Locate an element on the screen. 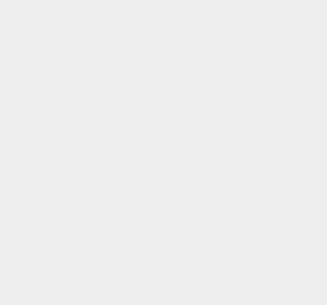  'iPhone 4S' is located at coordinates (231, 7).